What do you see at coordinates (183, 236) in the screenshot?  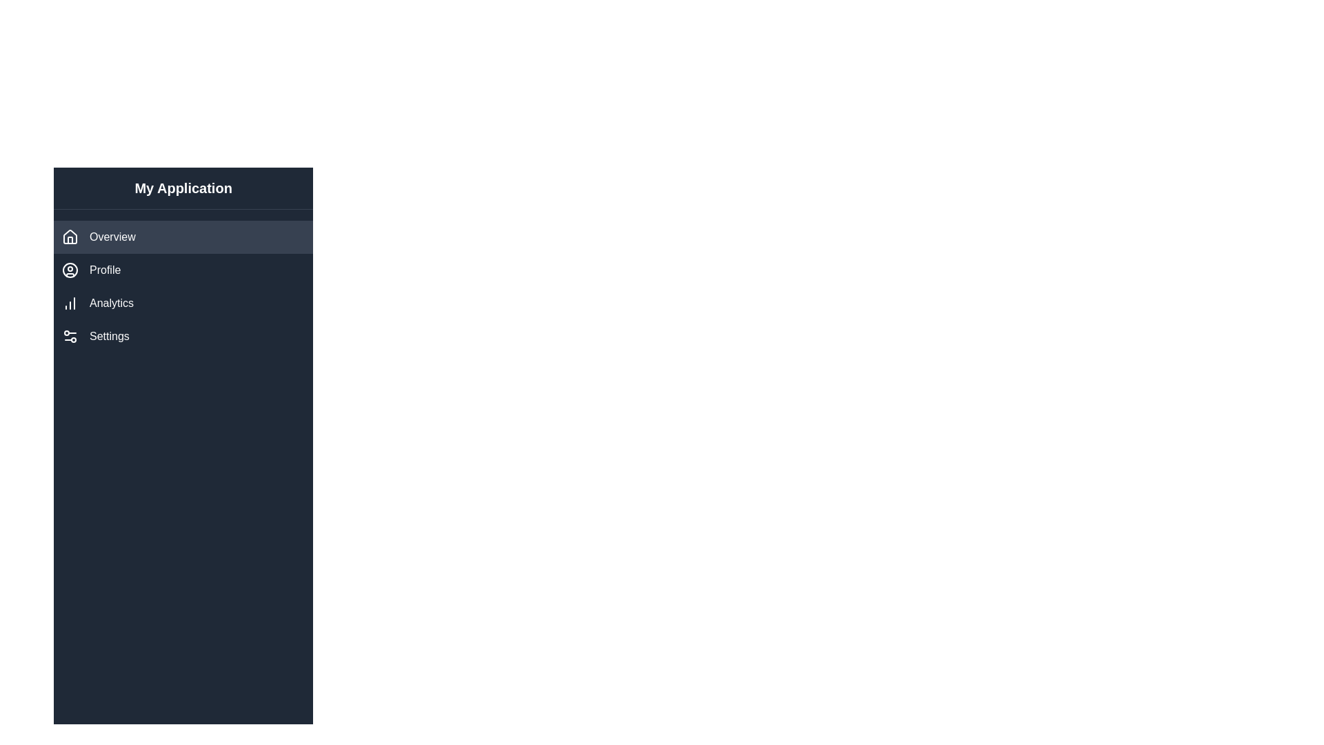 I see `the 'Overview' menu item, which is the first item in the vertical navigation menu located below 'My Application' and above 'Profile', 'Analytics', and 'Settings'` at bounding box center [183, 236].